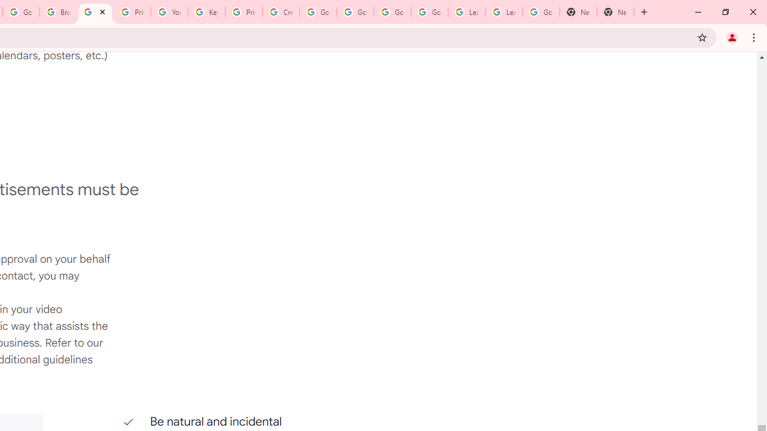  I want to click on 'Google Account', so click(540, 12).